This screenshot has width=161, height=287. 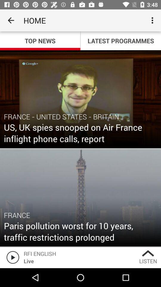 I want to click on the play icon, so click(x=12, y=257).